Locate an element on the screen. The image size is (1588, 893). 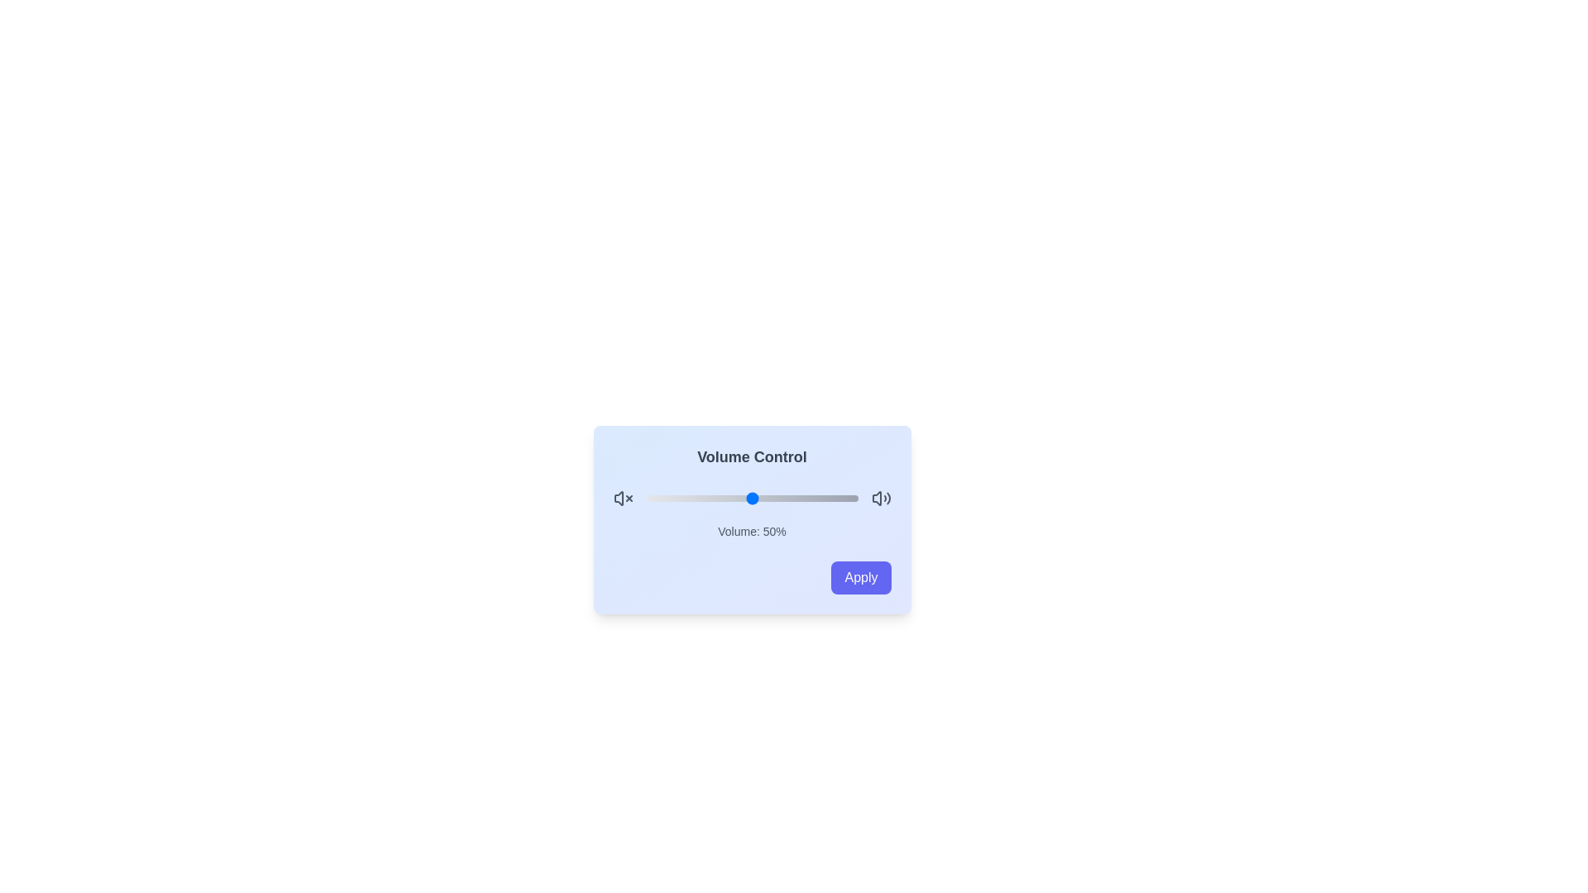
the loud icon on the right of the slider is located at coordinates (880, 497).